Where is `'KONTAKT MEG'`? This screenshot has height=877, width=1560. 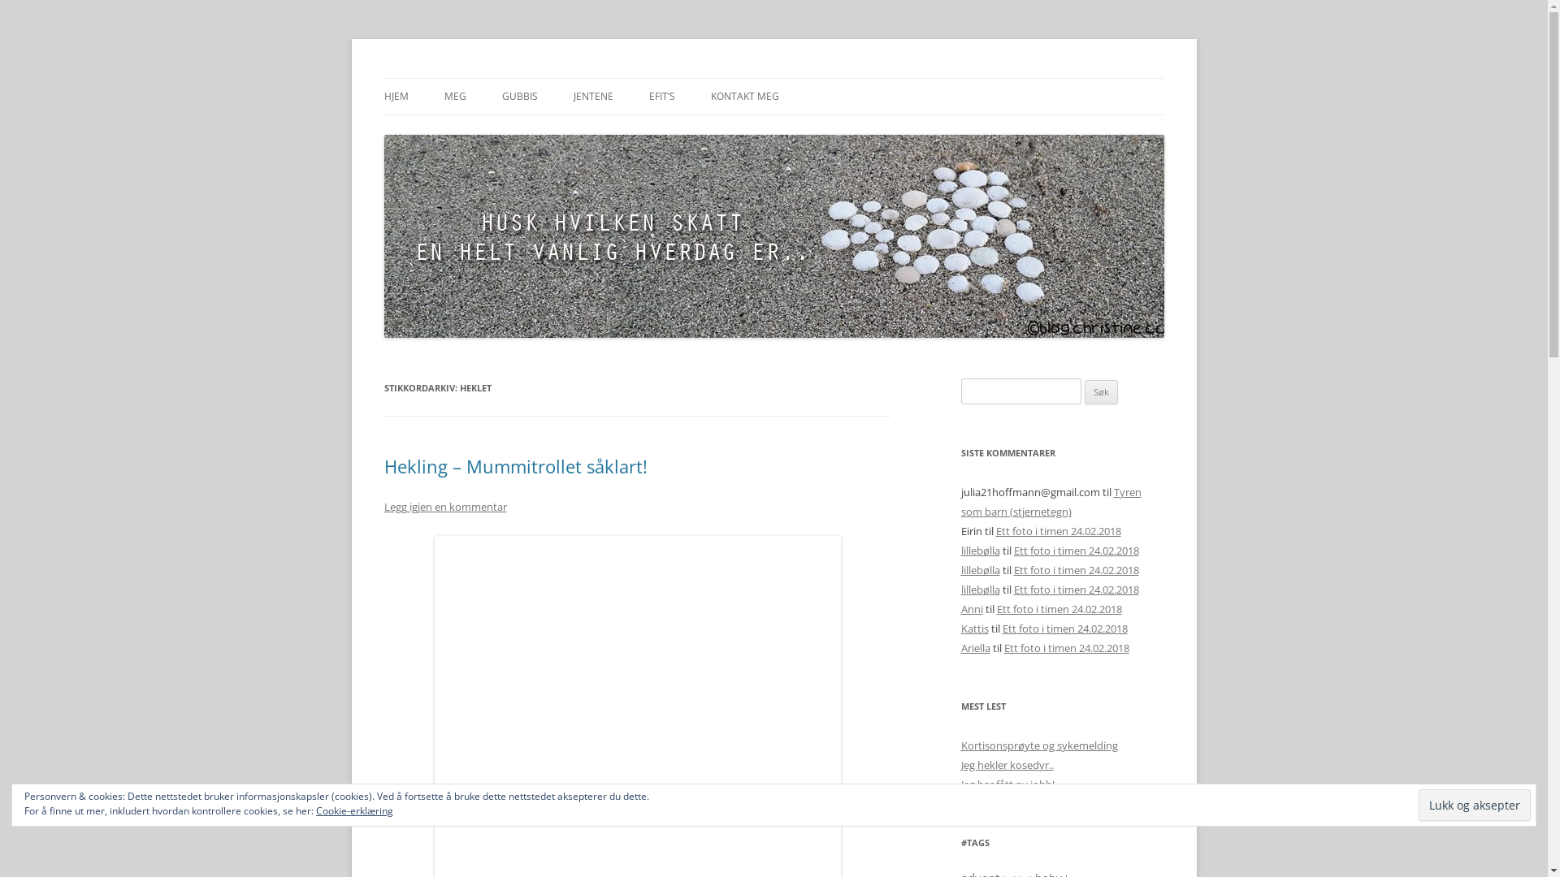
'KONTAKT MEG' is located at coordinates (709, 97).